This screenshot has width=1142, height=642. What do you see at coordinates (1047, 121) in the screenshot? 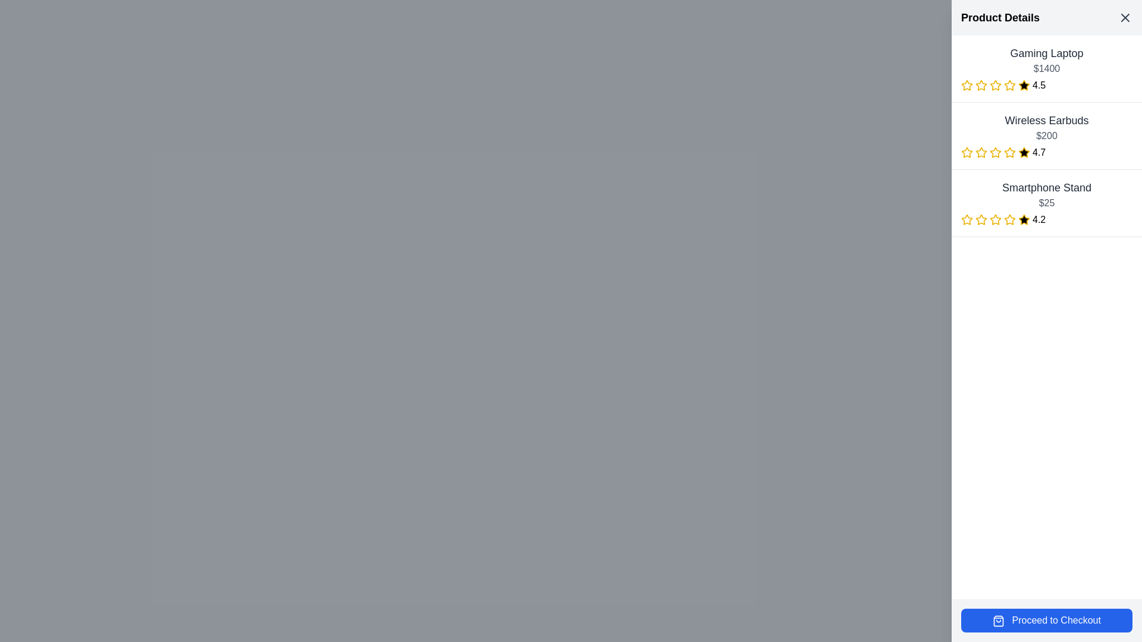
I see `text label that identifies the product as 'Wireless Earbuds', located in the second product entry of a vertically stacked list, positioned below 'Gaming Laptop' and above 'Smartphone Stand'` at bounding box center [1047, 121].